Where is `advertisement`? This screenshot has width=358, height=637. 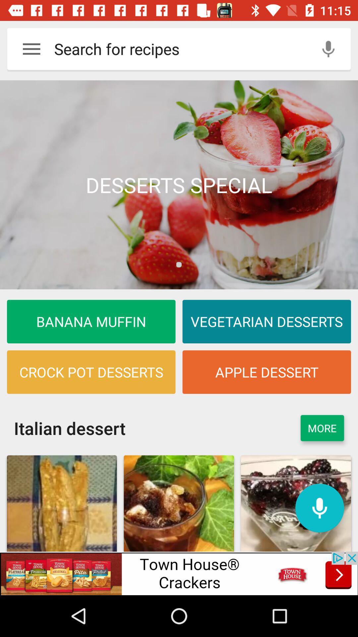 advertisement is located at coordinates (179, 573).